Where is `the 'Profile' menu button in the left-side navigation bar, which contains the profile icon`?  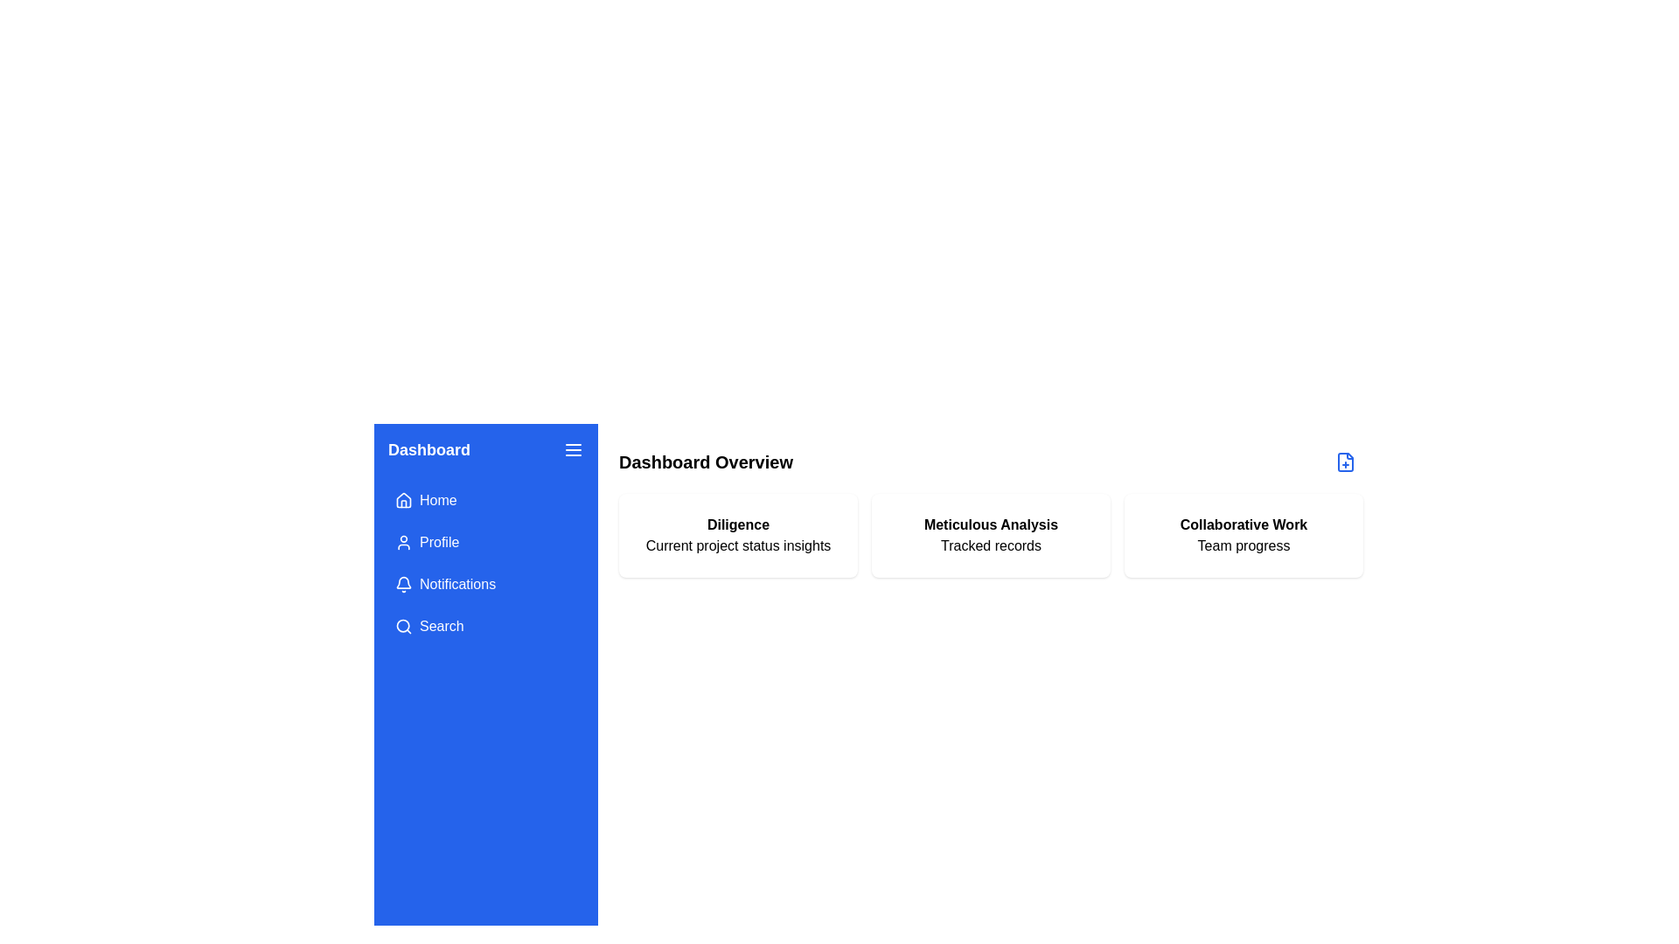
the 'Profile' menu button in the left-side navigation bar, which contains the profile icon is located at coordinates (402, 542).